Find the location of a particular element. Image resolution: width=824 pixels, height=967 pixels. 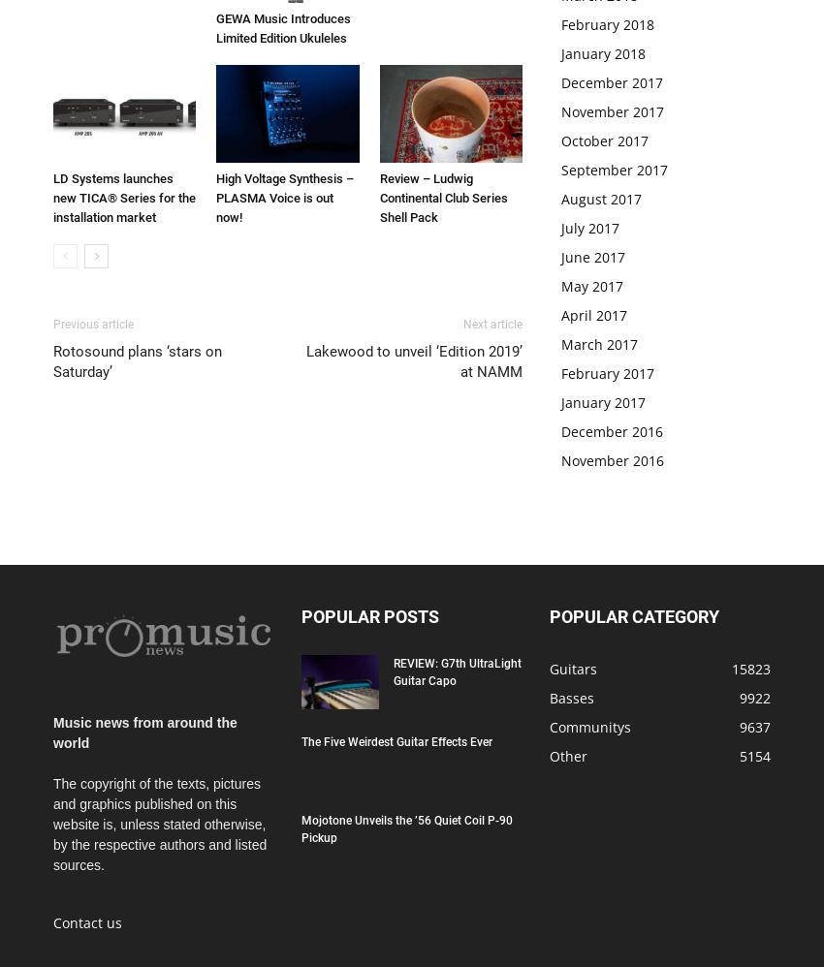

'POPULAR POSTS' is located at coordinates (368, 616).